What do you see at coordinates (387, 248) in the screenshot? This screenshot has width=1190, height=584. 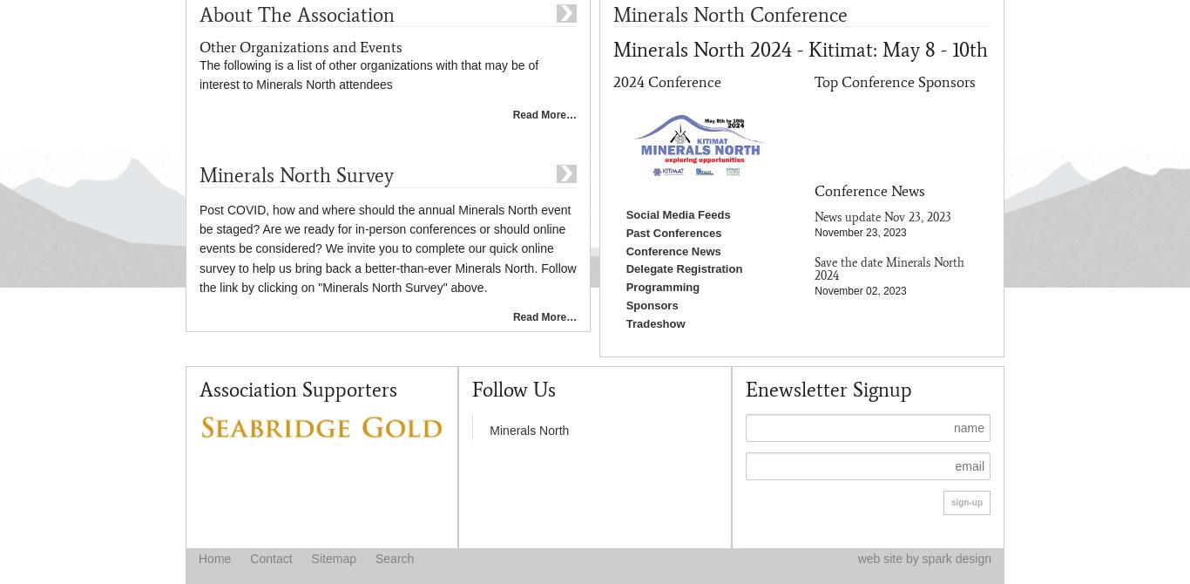 I see `'Post COVID, how and where should the annual Minerals North event be staged? Are we ready for in-person conferences or should online events be considered? We invite you to complete our quick online survey to help us bring back a better-than-ever Minerals North. Follow the link by clicking on "Minerals North Survey" above.'` at bounding box center [387, 248].